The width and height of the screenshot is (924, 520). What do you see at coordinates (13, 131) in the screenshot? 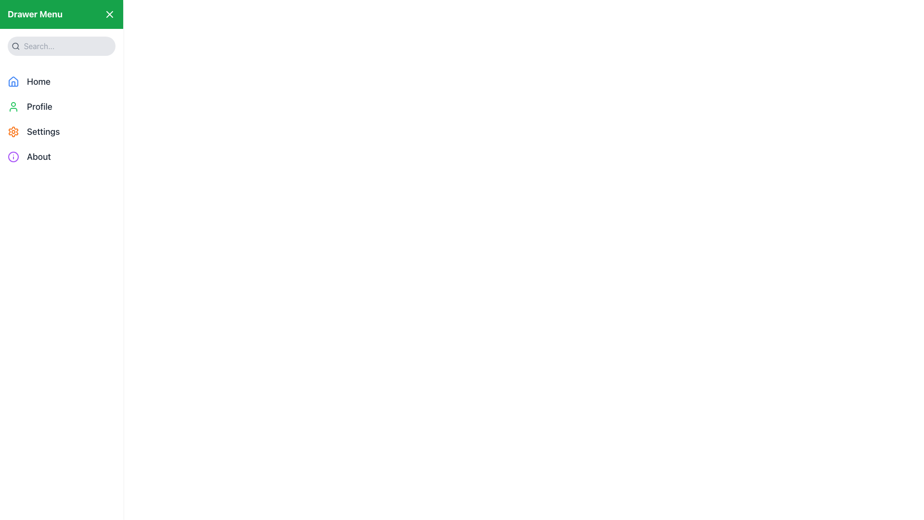
I see `the settings icon, which is a cogwheel located to the left of the 'Settings' label in the vertical menu list` at bounding box center [13, 131].